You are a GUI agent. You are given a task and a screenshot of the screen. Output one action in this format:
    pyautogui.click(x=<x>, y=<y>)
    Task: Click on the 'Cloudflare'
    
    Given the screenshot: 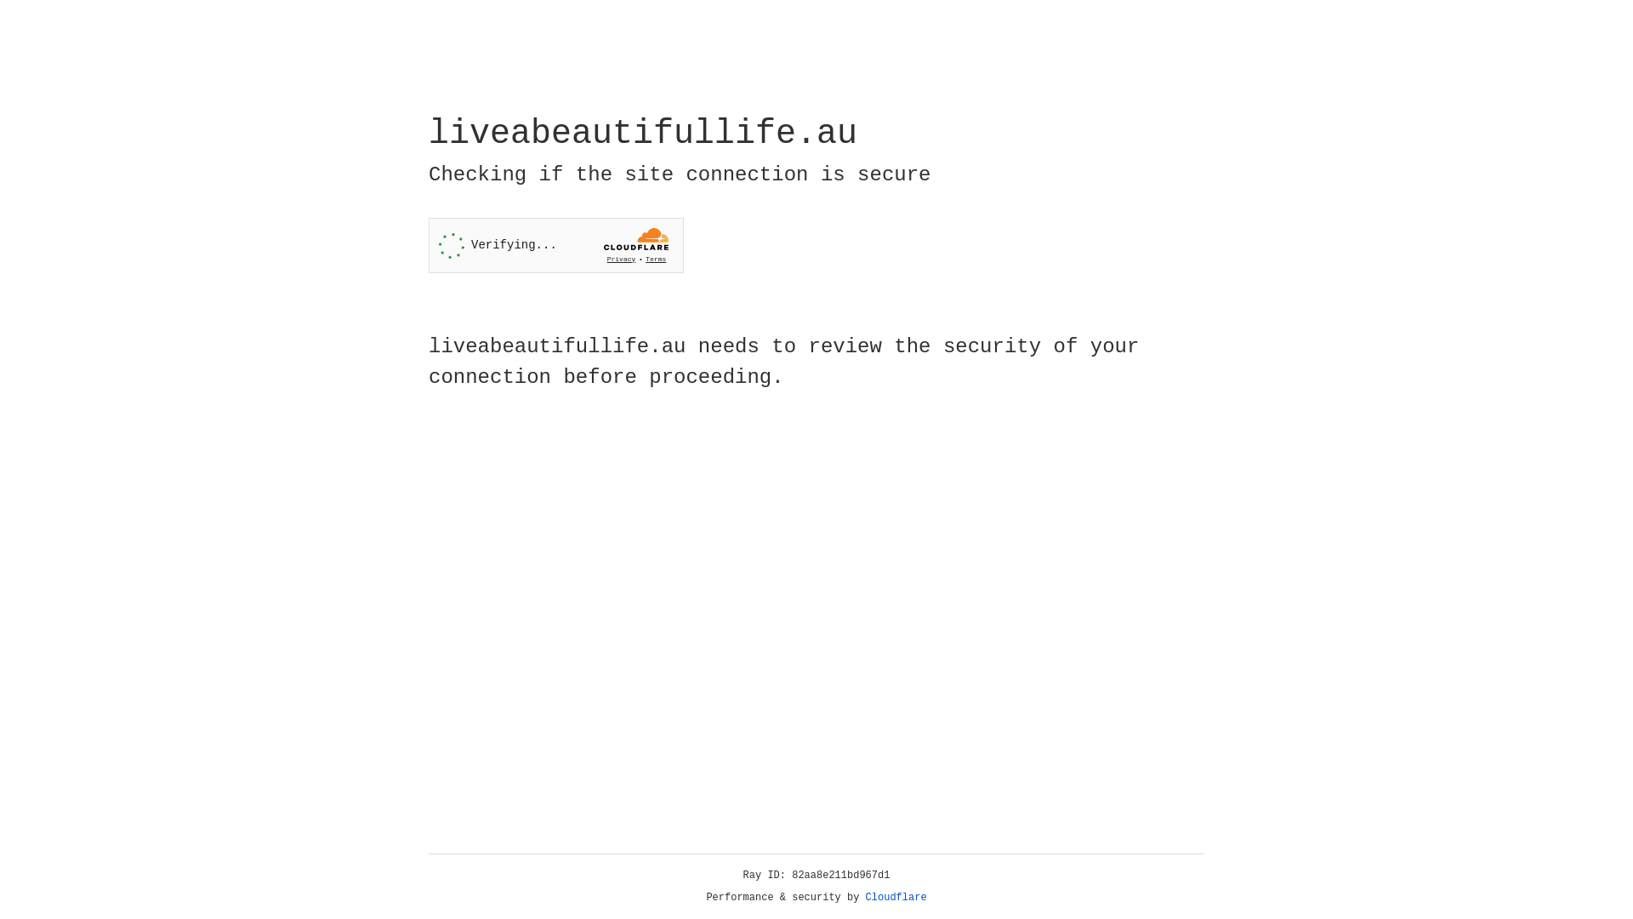 What is the action you would take?
    pyautogui.click(x=896, y=897)
    